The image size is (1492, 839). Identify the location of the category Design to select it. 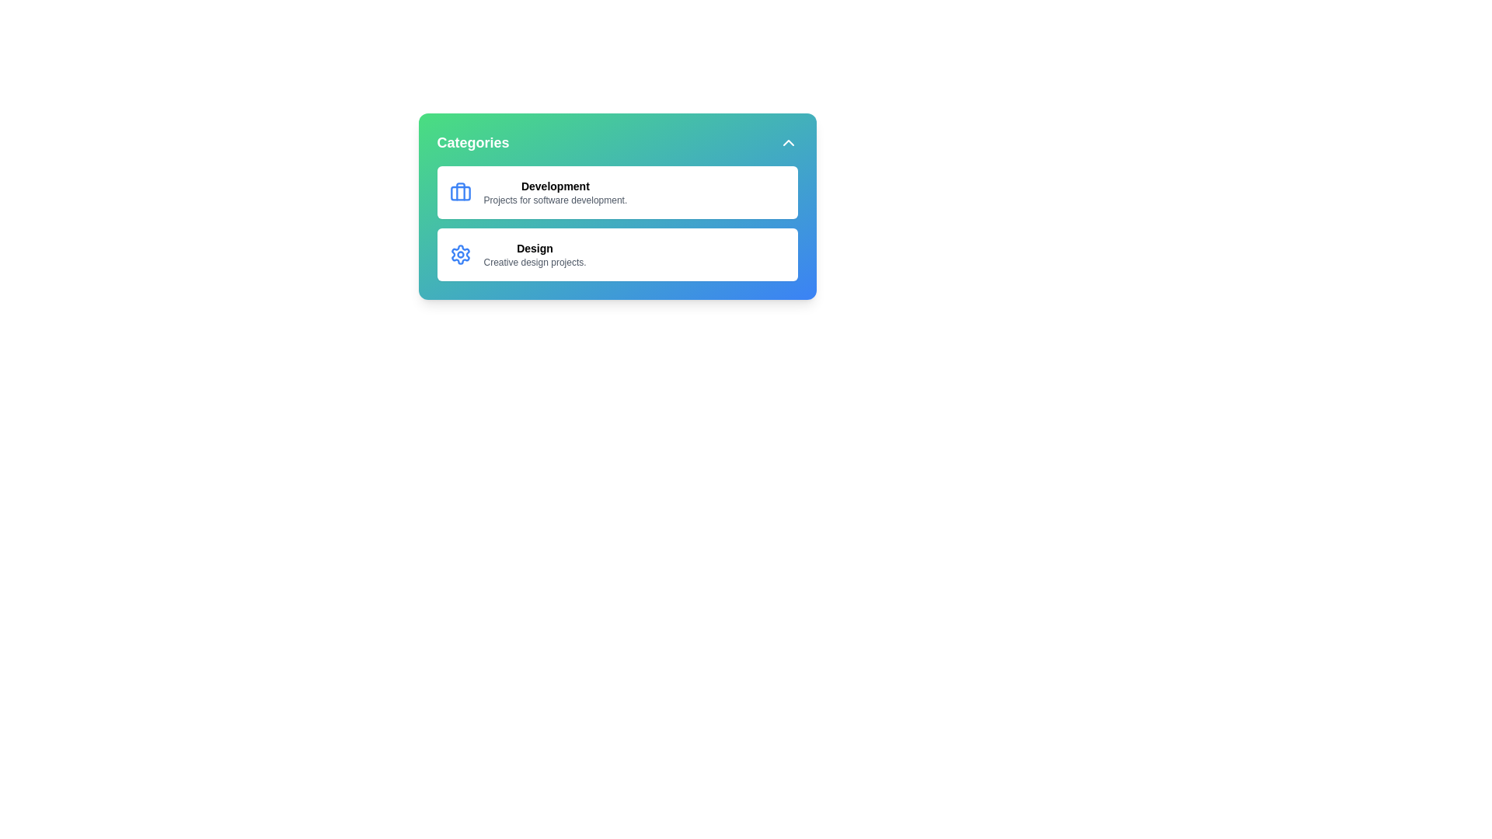
(616, 253).